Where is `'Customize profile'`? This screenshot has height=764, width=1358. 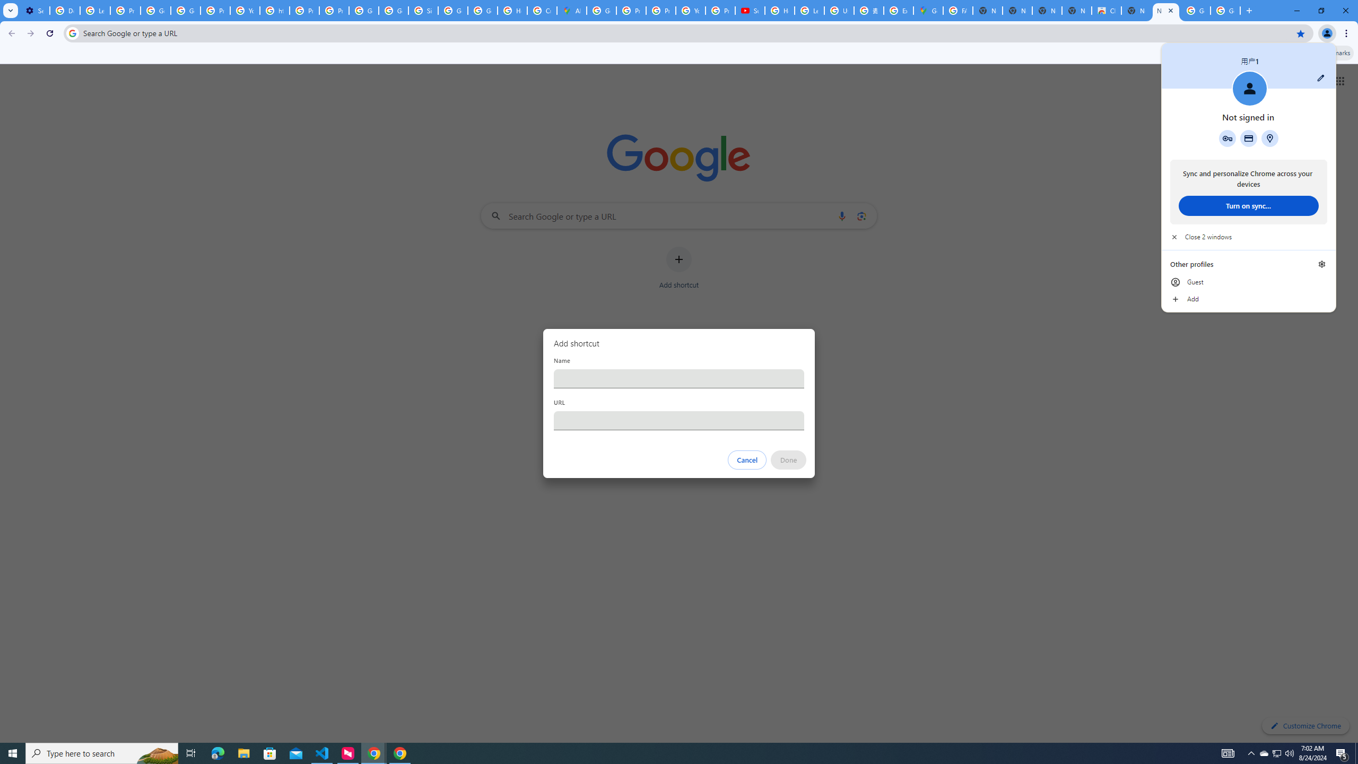
'Customize profile' is located at coordinates (1320, 77).